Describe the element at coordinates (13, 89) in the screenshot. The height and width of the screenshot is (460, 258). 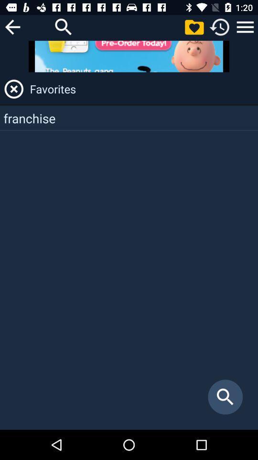
I see `it indicates the unfavorite icon` at that location.